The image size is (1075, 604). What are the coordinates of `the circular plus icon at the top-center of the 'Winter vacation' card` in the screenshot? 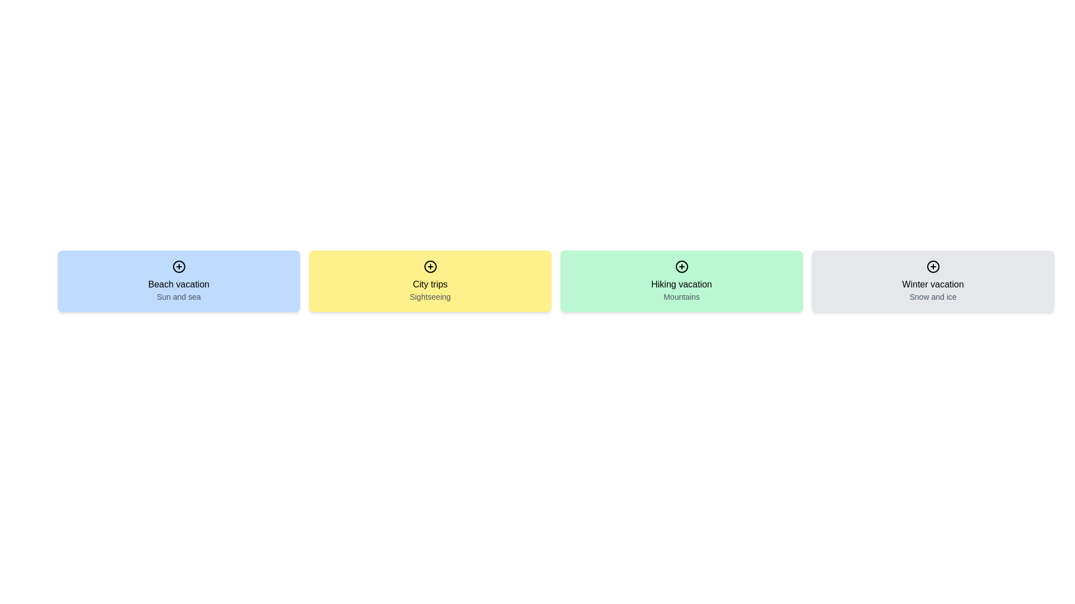 It's located at (933, 267).